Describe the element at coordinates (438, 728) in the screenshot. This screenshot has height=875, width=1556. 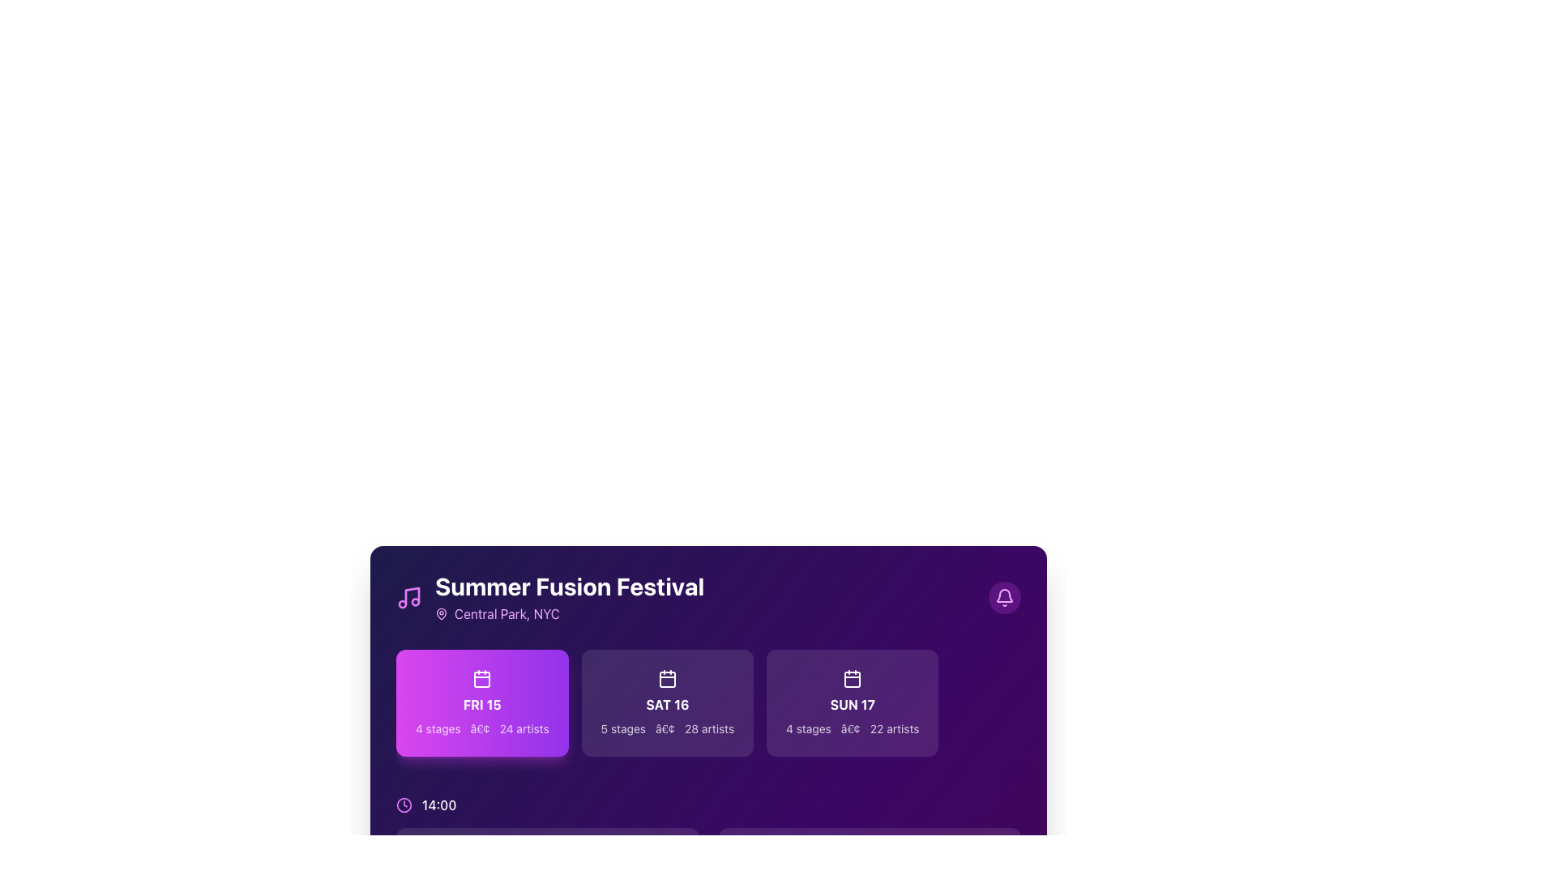
I see `the text element indicating the number of stages available for the 'FRI 15' section of the festival schedule, which is the leftmost in its group of three text elements` at that location.